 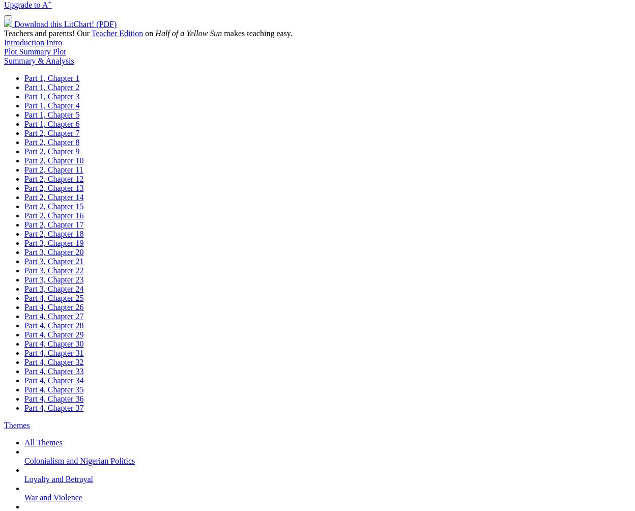 What do you see at coordinates (24, 371) in the screenshot?
I see `'Part 4, Chapter 33'` at bounding box center [24, 371].